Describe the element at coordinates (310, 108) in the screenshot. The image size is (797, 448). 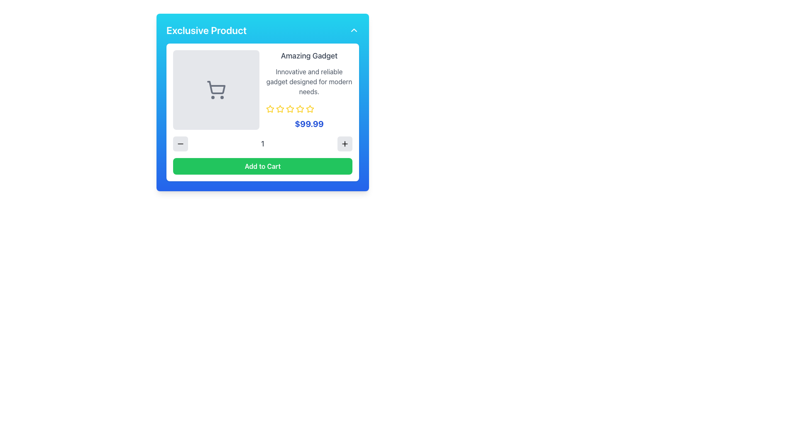
I see `the fourth star in the five-star rating system, which is yellow-bordered and white-filled, located below the text 'Amazing Gadget'` at that location.